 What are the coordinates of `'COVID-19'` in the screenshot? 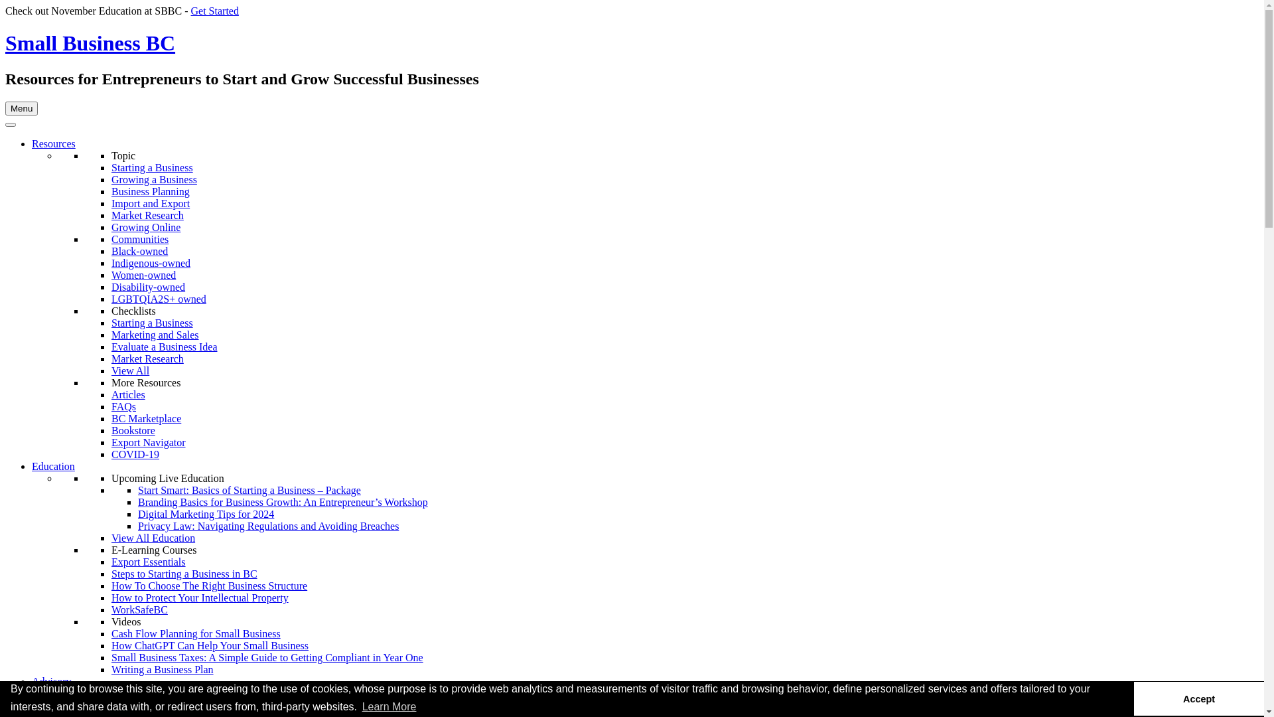 It's located at (135, 453).